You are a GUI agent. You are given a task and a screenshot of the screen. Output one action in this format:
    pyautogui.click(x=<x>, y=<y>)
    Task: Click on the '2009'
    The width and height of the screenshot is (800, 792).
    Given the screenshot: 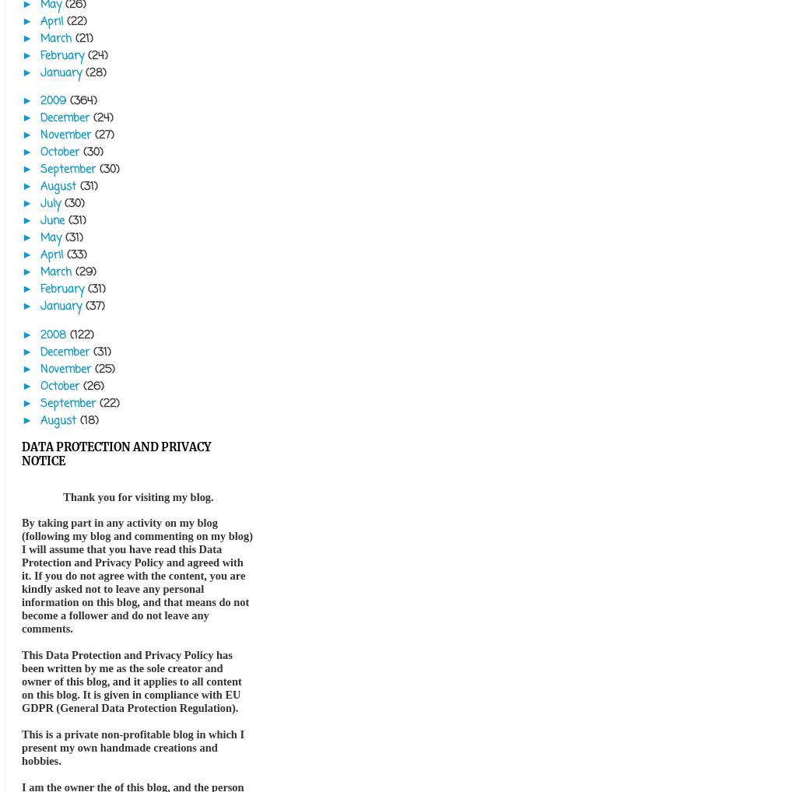 What is the action you would take?
    pyautogui.click(x=40, y=100)
    